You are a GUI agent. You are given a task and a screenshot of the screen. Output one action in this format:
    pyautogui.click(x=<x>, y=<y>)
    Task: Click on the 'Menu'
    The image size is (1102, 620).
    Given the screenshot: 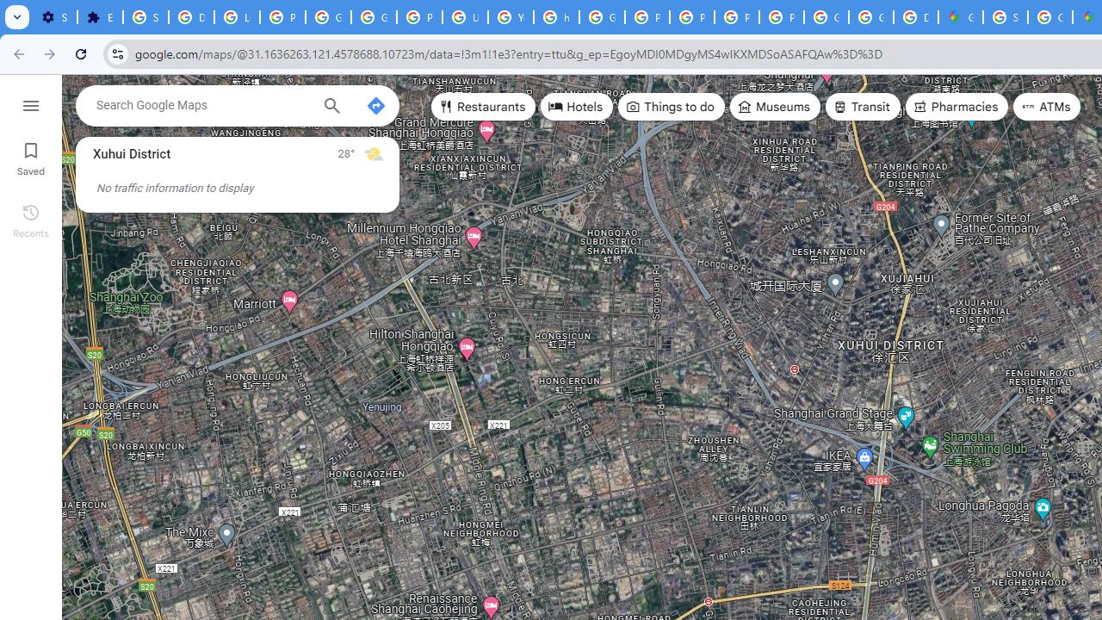 What is the action you would take?
    pyautogui.click(x=30, y=103)
    